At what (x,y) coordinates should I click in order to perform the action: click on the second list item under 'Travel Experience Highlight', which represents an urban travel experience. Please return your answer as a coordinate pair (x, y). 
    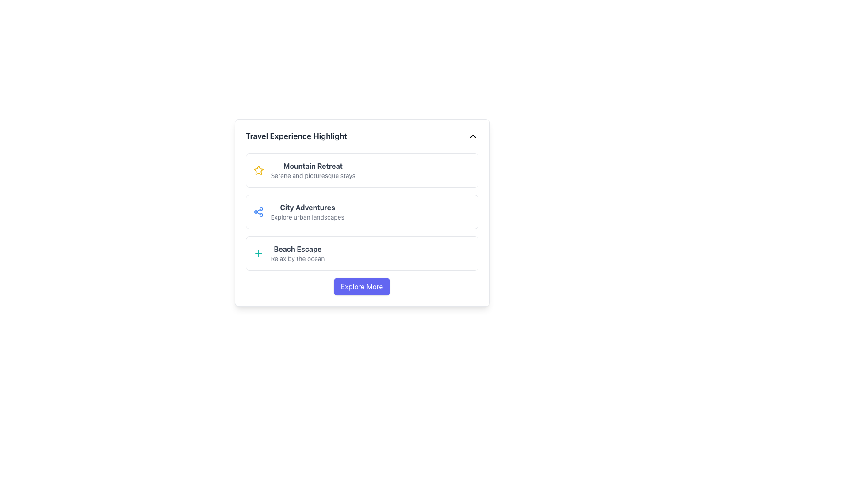
    Looking at the image, I should click on (362, 213).